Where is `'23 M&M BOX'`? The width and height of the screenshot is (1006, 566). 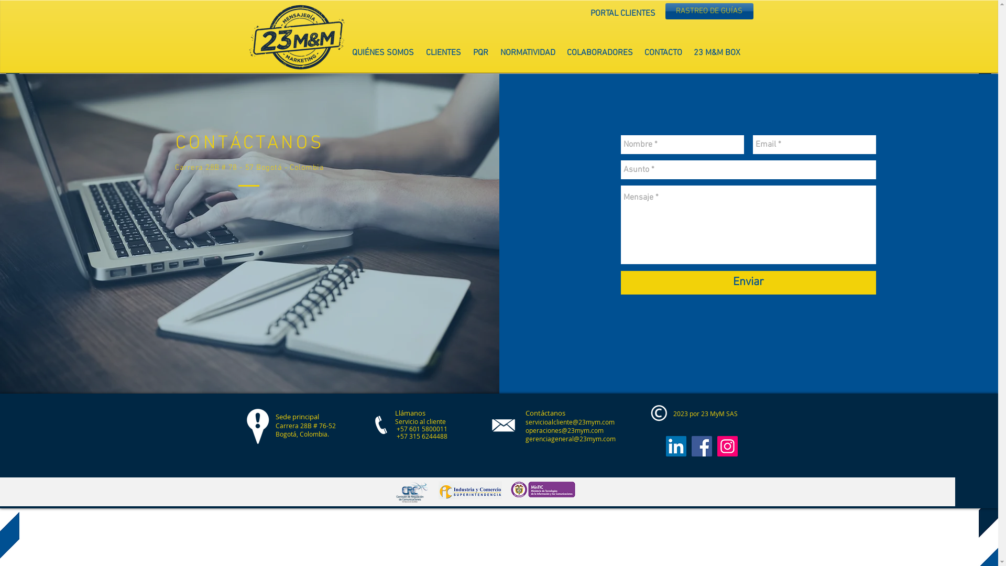 '23 M&M BOX' is located at coordinates (716, 53).